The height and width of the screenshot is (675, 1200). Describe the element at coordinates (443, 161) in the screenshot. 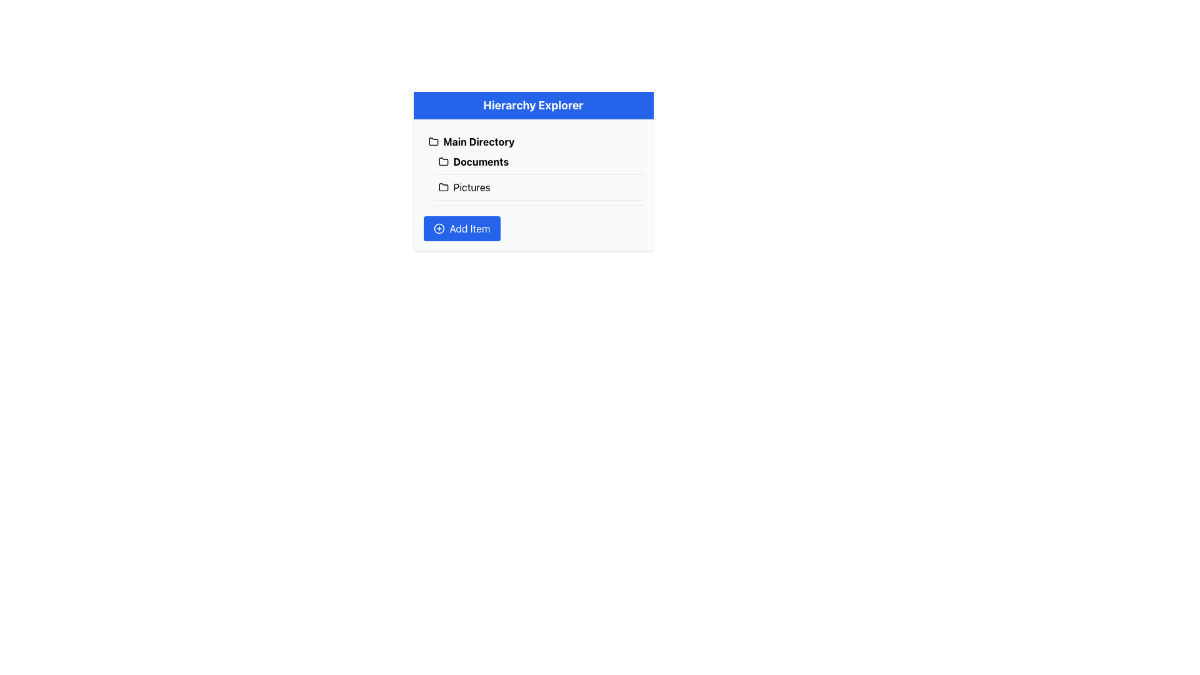

I see `the 'Documents' folder icon located next to the 'Documents' label in the 'Hierarchy Explorer' section, which is the second entry after 'Main Directory'` at that location.